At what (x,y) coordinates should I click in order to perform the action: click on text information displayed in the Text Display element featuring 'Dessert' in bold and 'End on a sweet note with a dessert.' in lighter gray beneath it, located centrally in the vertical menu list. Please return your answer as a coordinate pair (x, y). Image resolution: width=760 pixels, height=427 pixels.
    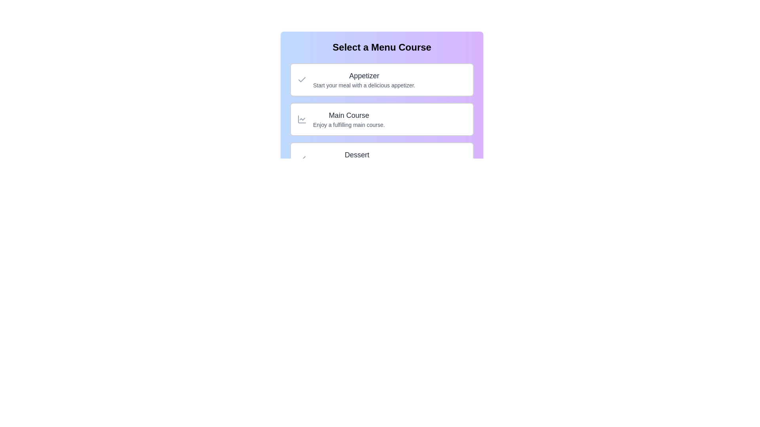
    Looking at the image, I should click on (356, 159).